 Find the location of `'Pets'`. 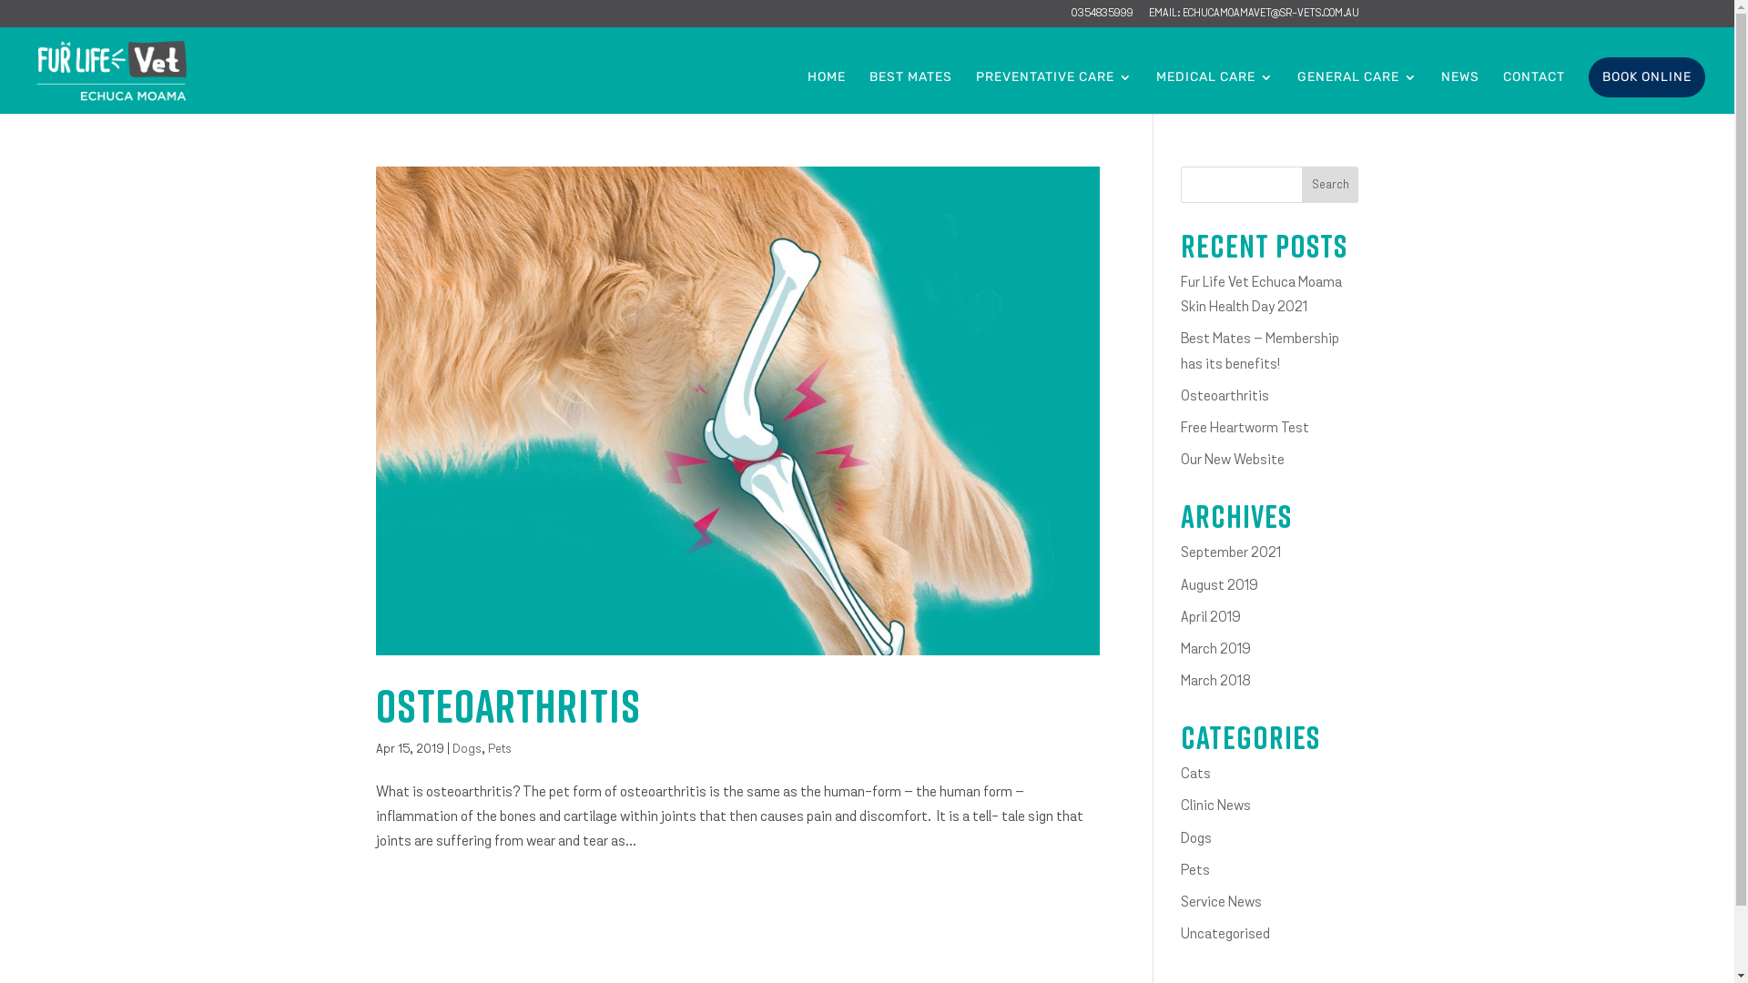

'Pets' is located at coordinates (499, 749).